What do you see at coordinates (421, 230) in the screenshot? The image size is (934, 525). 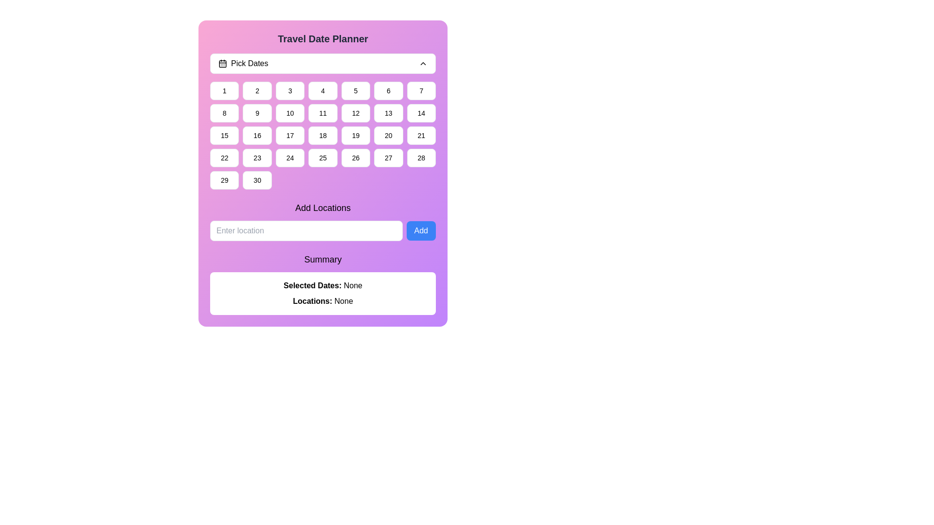 I see `the 'Add' button in the 'Add Locations' section, which has a blue background and white text` at bounding box center [421, 230].